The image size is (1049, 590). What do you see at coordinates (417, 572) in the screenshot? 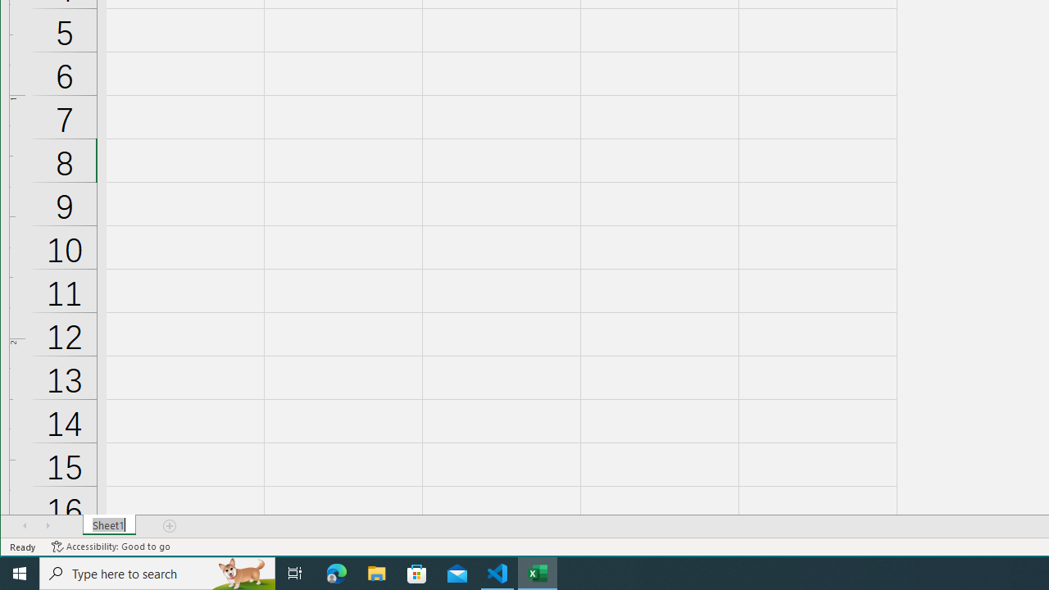
I see `'Microsoft Store'` at bounding box center [417, 572].